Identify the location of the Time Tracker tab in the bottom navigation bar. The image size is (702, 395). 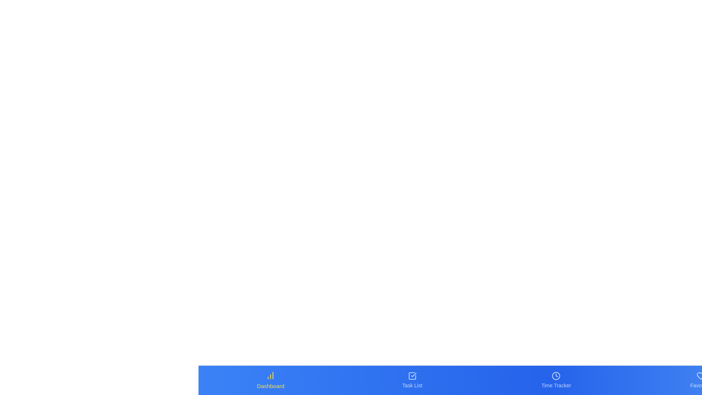
(556, 380).